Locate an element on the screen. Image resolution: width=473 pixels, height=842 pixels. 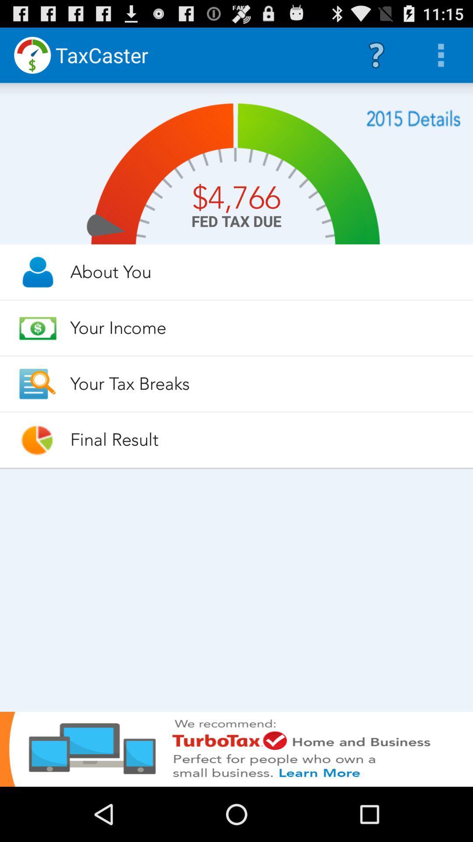
advertisement is located at coordinates (236, 749).